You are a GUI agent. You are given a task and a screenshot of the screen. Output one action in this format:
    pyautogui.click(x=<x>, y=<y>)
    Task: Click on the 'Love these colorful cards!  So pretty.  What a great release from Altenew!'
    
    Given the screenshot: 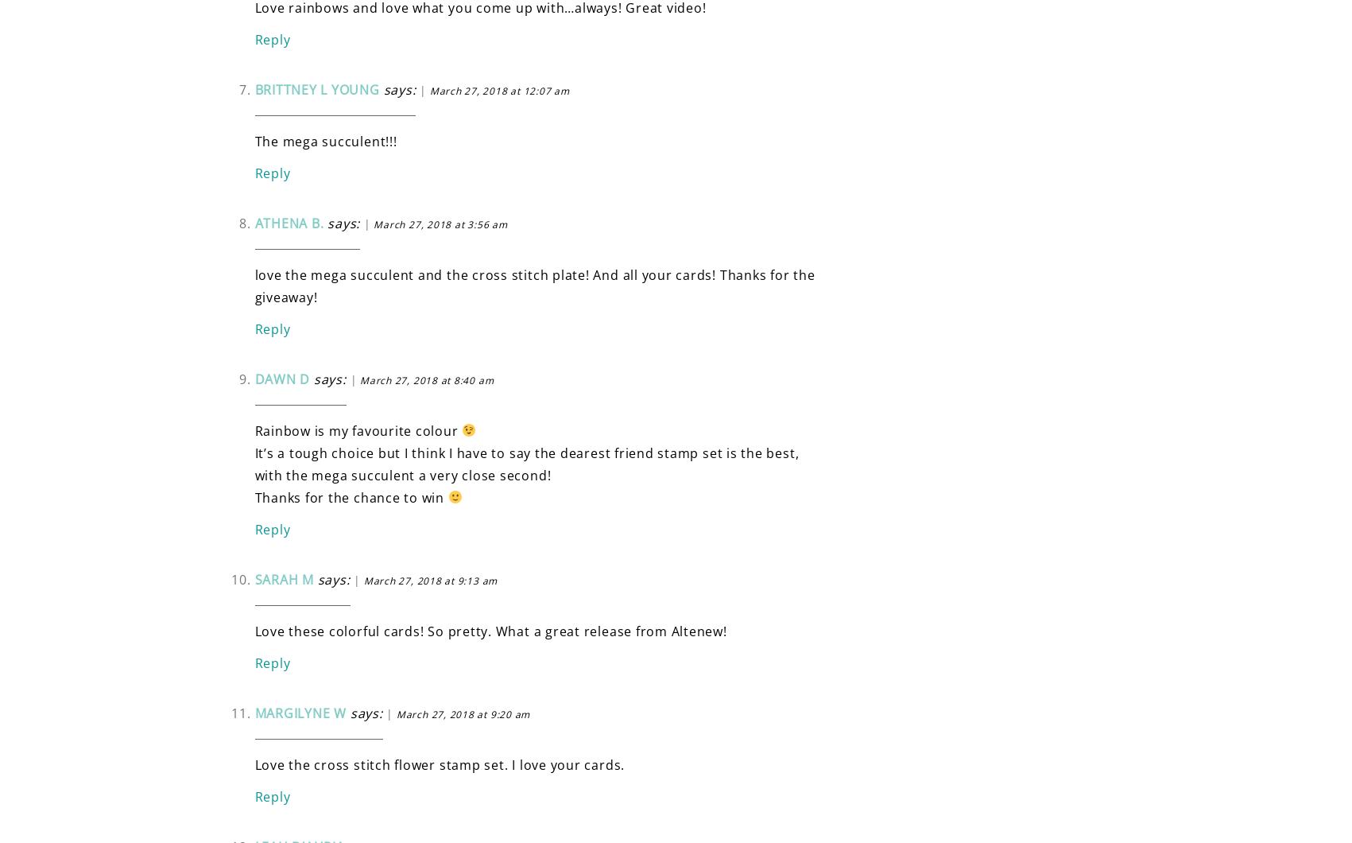 What is the action you would take?
    pyautogui.click(x=489, y=629)
    